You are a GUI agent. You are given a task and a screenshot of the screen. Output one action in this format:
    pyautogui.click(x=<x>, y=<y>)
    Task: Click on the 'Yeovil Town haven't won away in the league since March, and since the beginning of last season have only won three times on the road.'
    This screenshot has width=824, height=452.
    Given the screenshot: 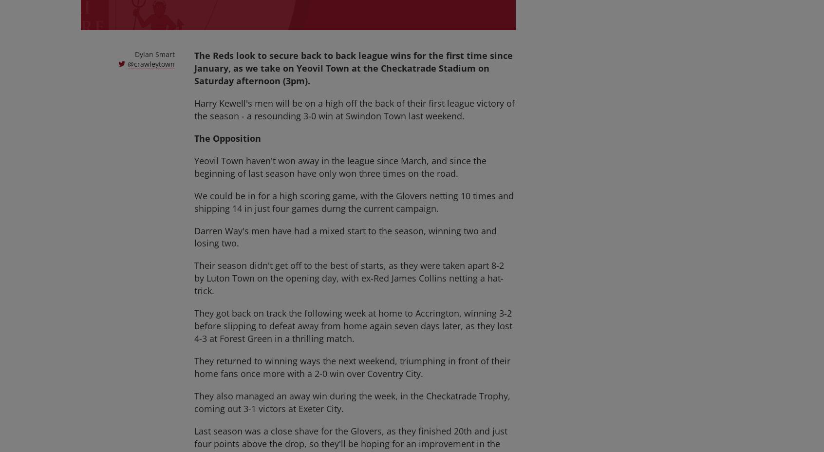 What is the action you would take?
    pyautogui.click(x=340, y=166)
    